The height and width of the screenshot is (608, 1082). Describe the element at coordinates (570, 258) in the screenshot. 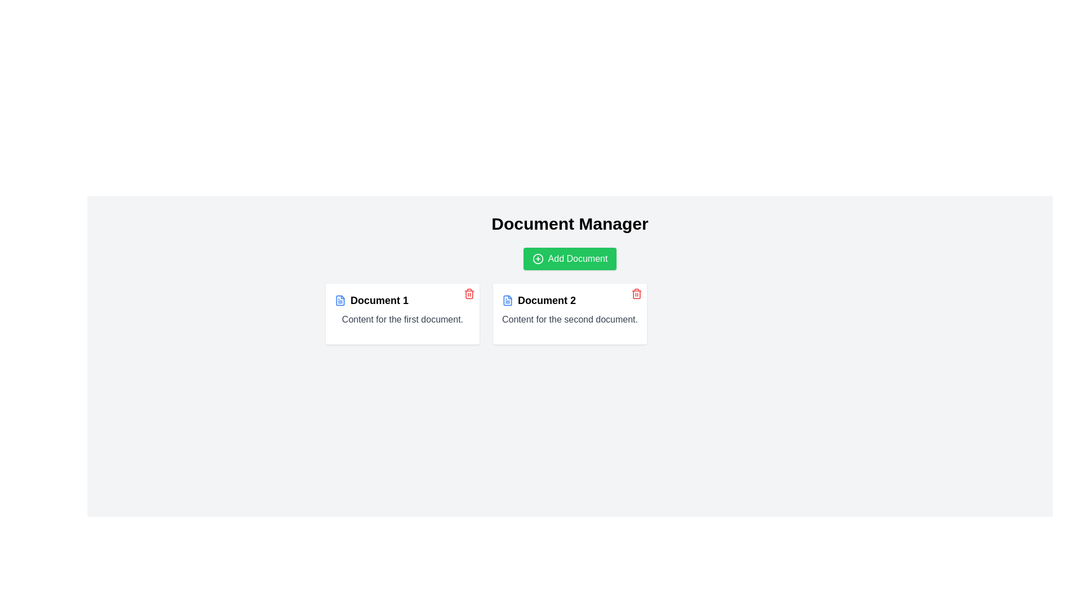

I see `the 'Add Document' button, which has a green background, white text, and a plus-circle icon` at that location.